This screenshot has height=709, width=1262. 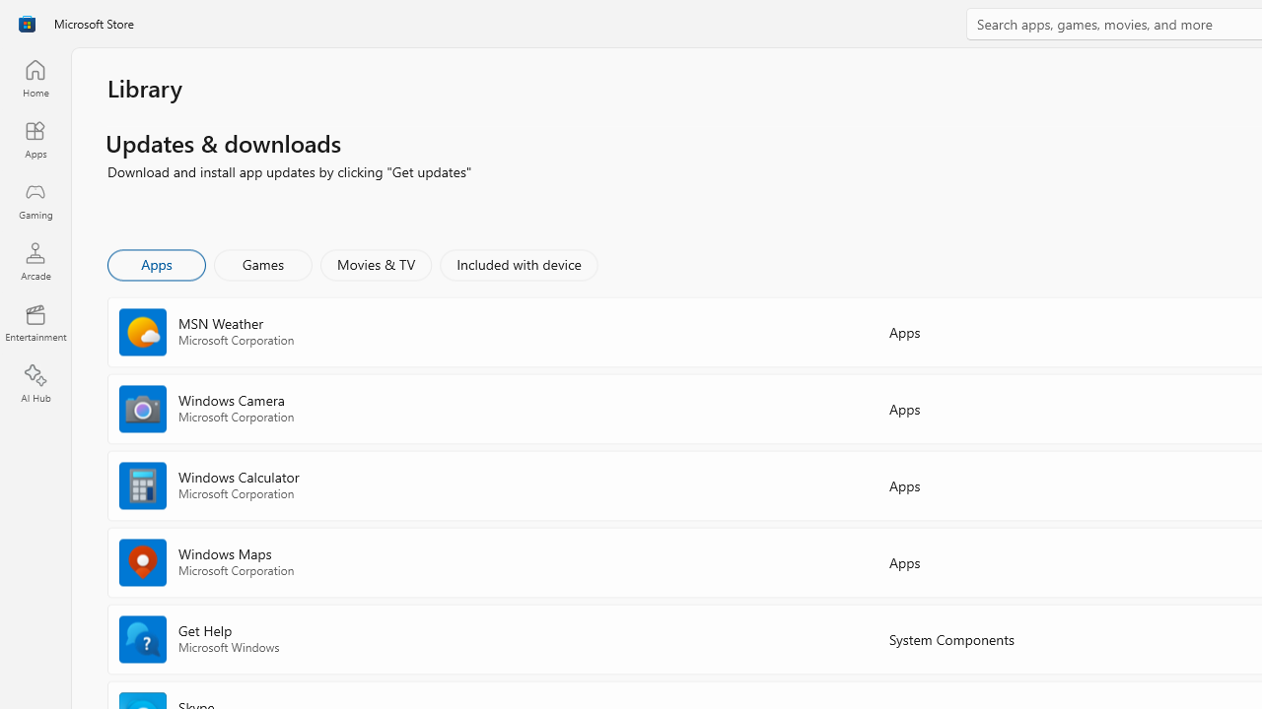 What do you see at coordinates (35, 200) in the screenshot?
I see `'Gaming'` at bounding box center [35, 200].